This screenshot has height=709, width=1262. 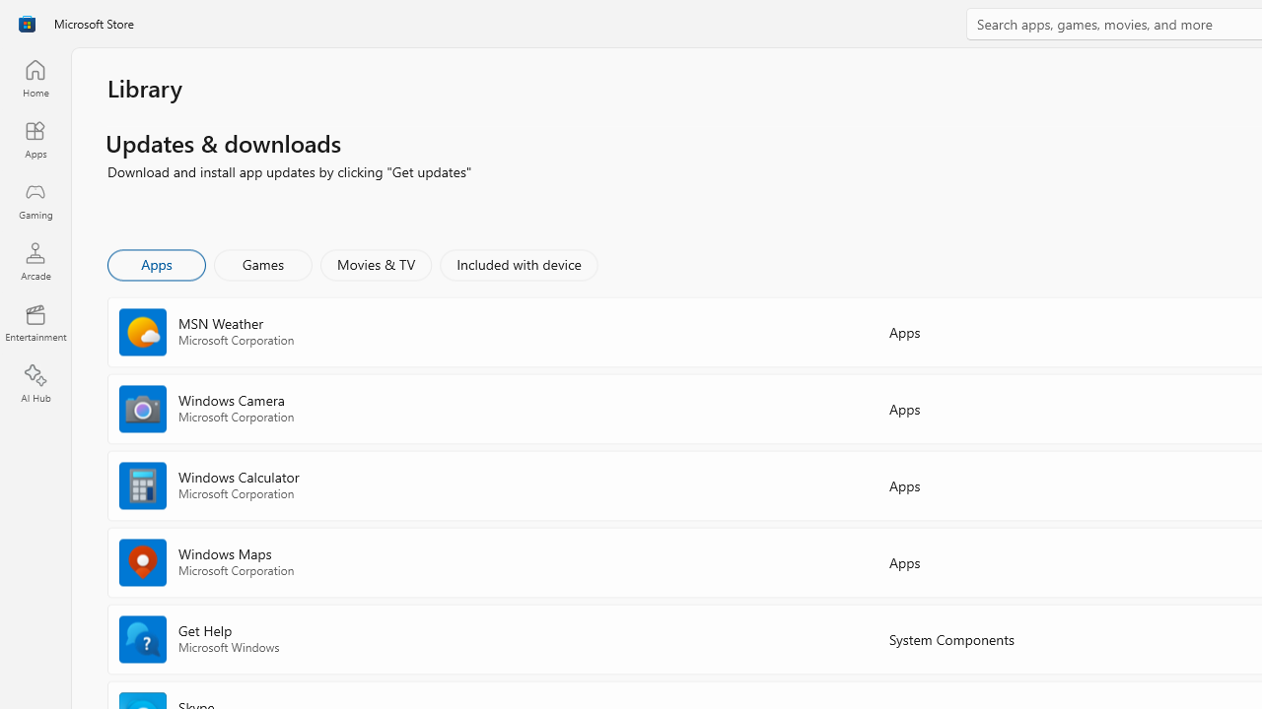 What do you see at coordinates (35, 200) in the screenshot?
I see `'Gaming'` at bounding box center [35, 200].